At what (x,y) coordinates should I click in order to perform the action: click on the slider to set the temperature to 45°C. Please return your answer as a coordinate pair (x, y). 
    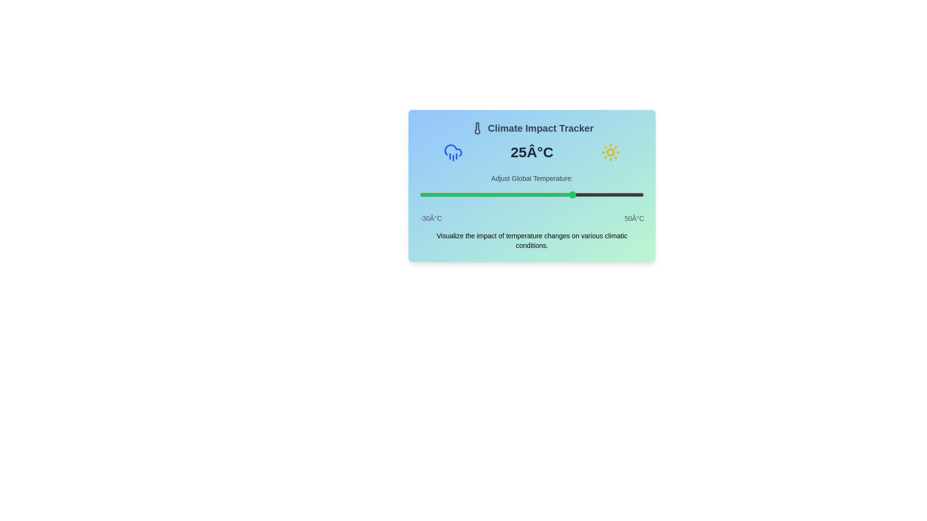
    Looking at the image, I should click on (630, 195).